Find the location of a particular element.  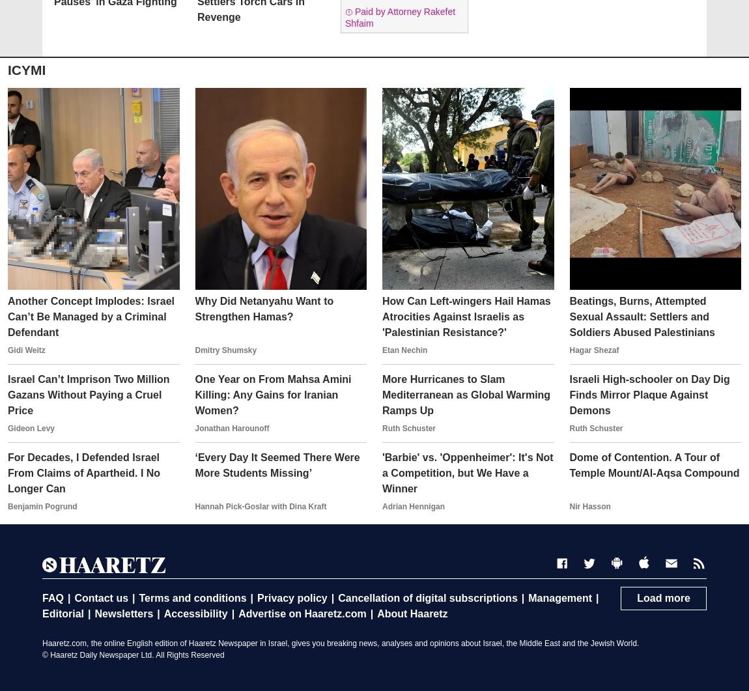

'Contact us' is located at coordinates (73, 597).